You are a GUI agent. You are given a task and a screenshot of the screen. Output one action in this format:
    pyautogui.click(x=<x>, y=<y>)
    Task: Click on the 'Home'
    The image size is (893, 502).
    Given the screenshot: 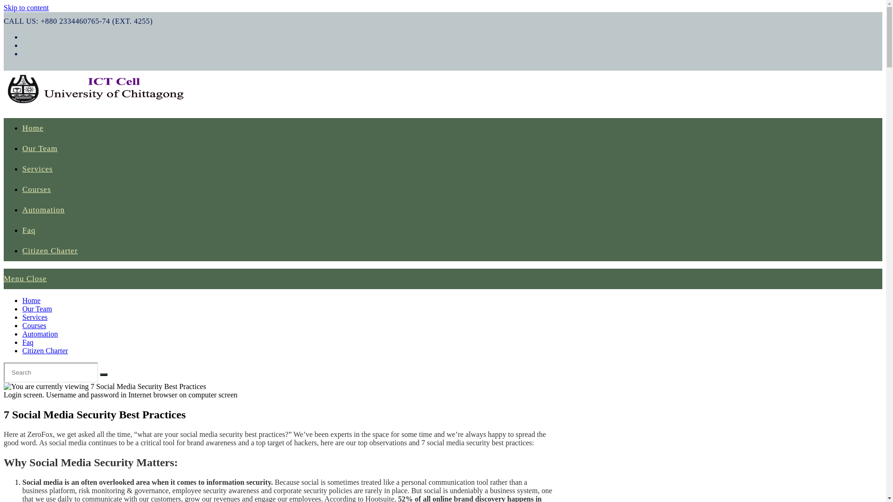 What is the action you would take?
    pyautogui.click(x=33, y=128)
    